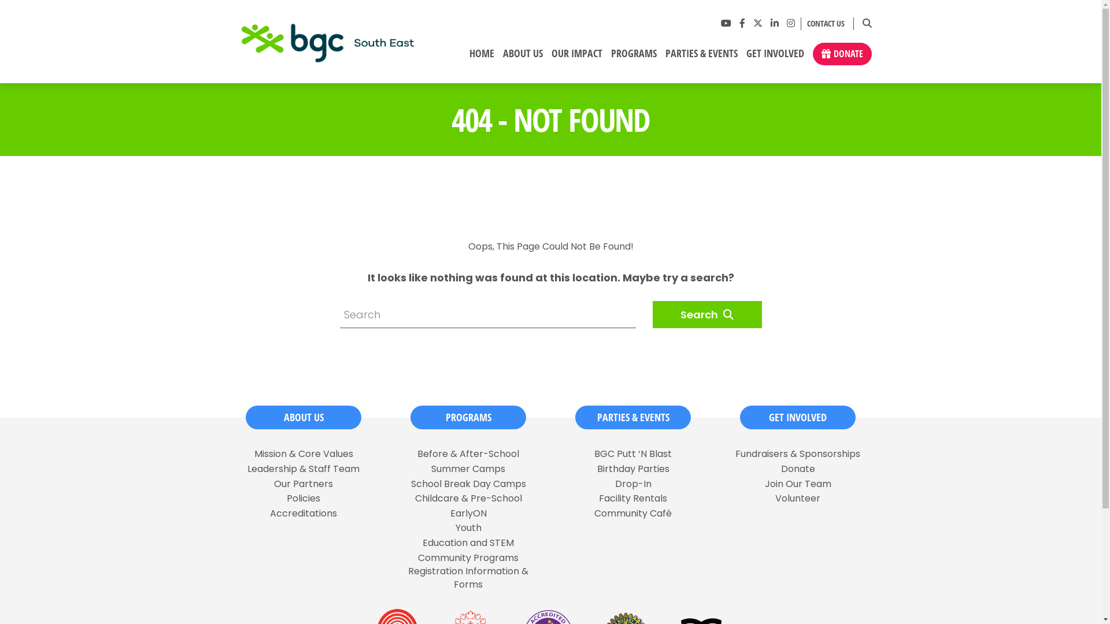  Describe the element at coordinates (468, 484) in the screenshot. I see `'School Break Day Camps'` at that location.